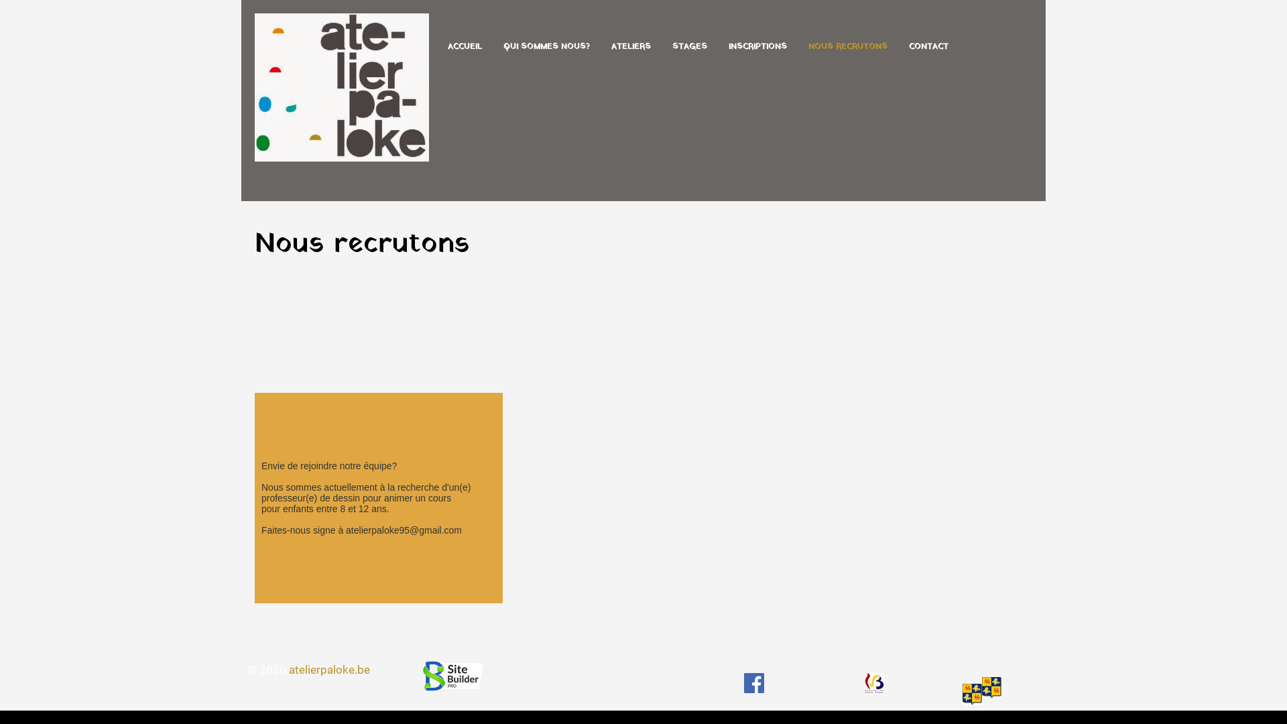 The height and width of the screenshot is (724, 1287). I want to click on 'CONTACT', so click(928, 48).